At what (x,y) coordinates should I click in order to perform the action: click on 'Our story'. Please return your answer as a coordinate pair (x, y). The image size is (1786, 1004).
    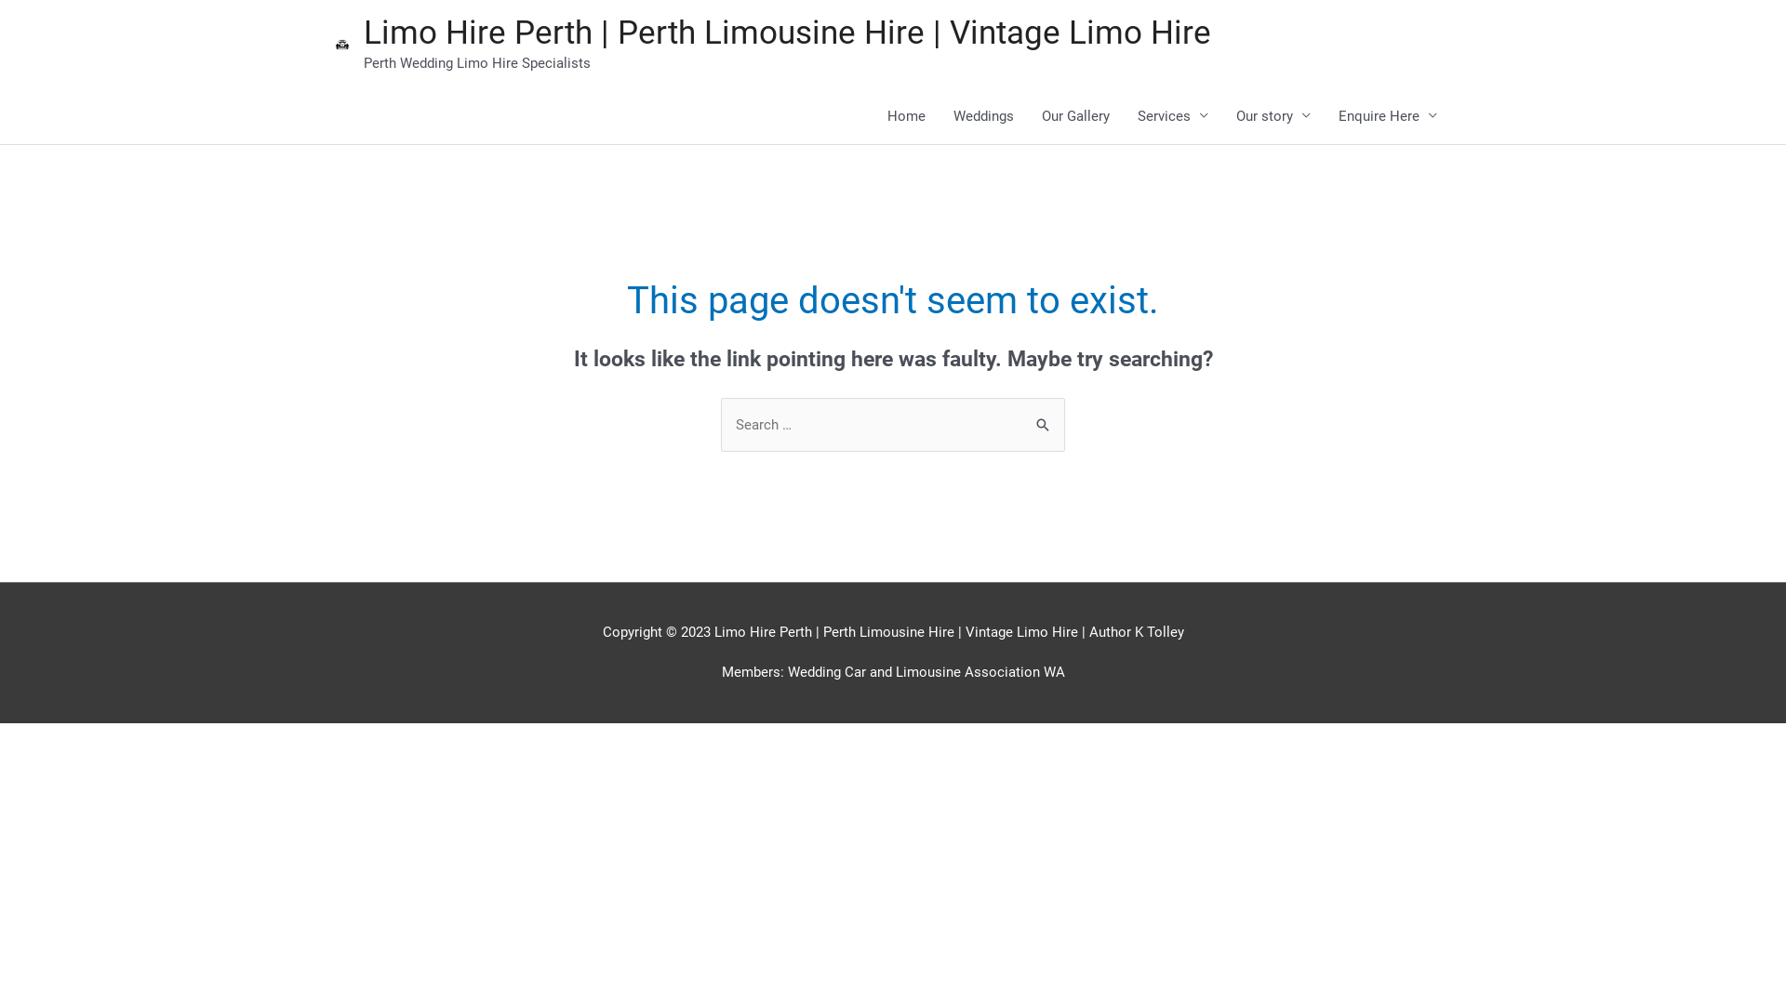
    Looking at the image, I should click on (1272, 114).